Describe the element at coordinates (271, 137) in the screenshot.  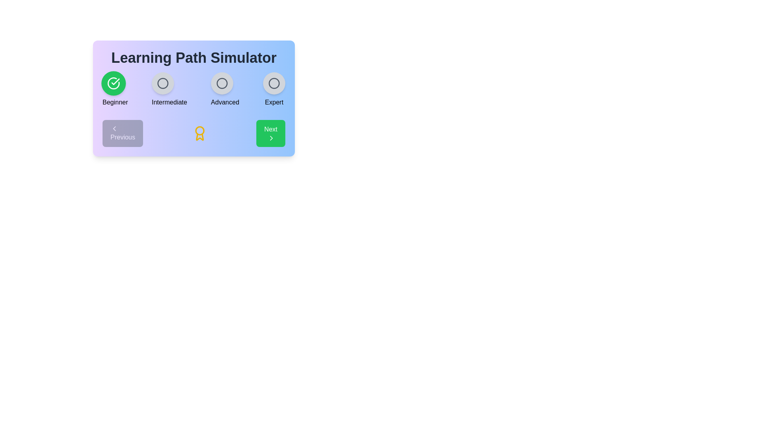
I see `the rightward-pointing chevron icon inside the green 'Next' button` at that location.